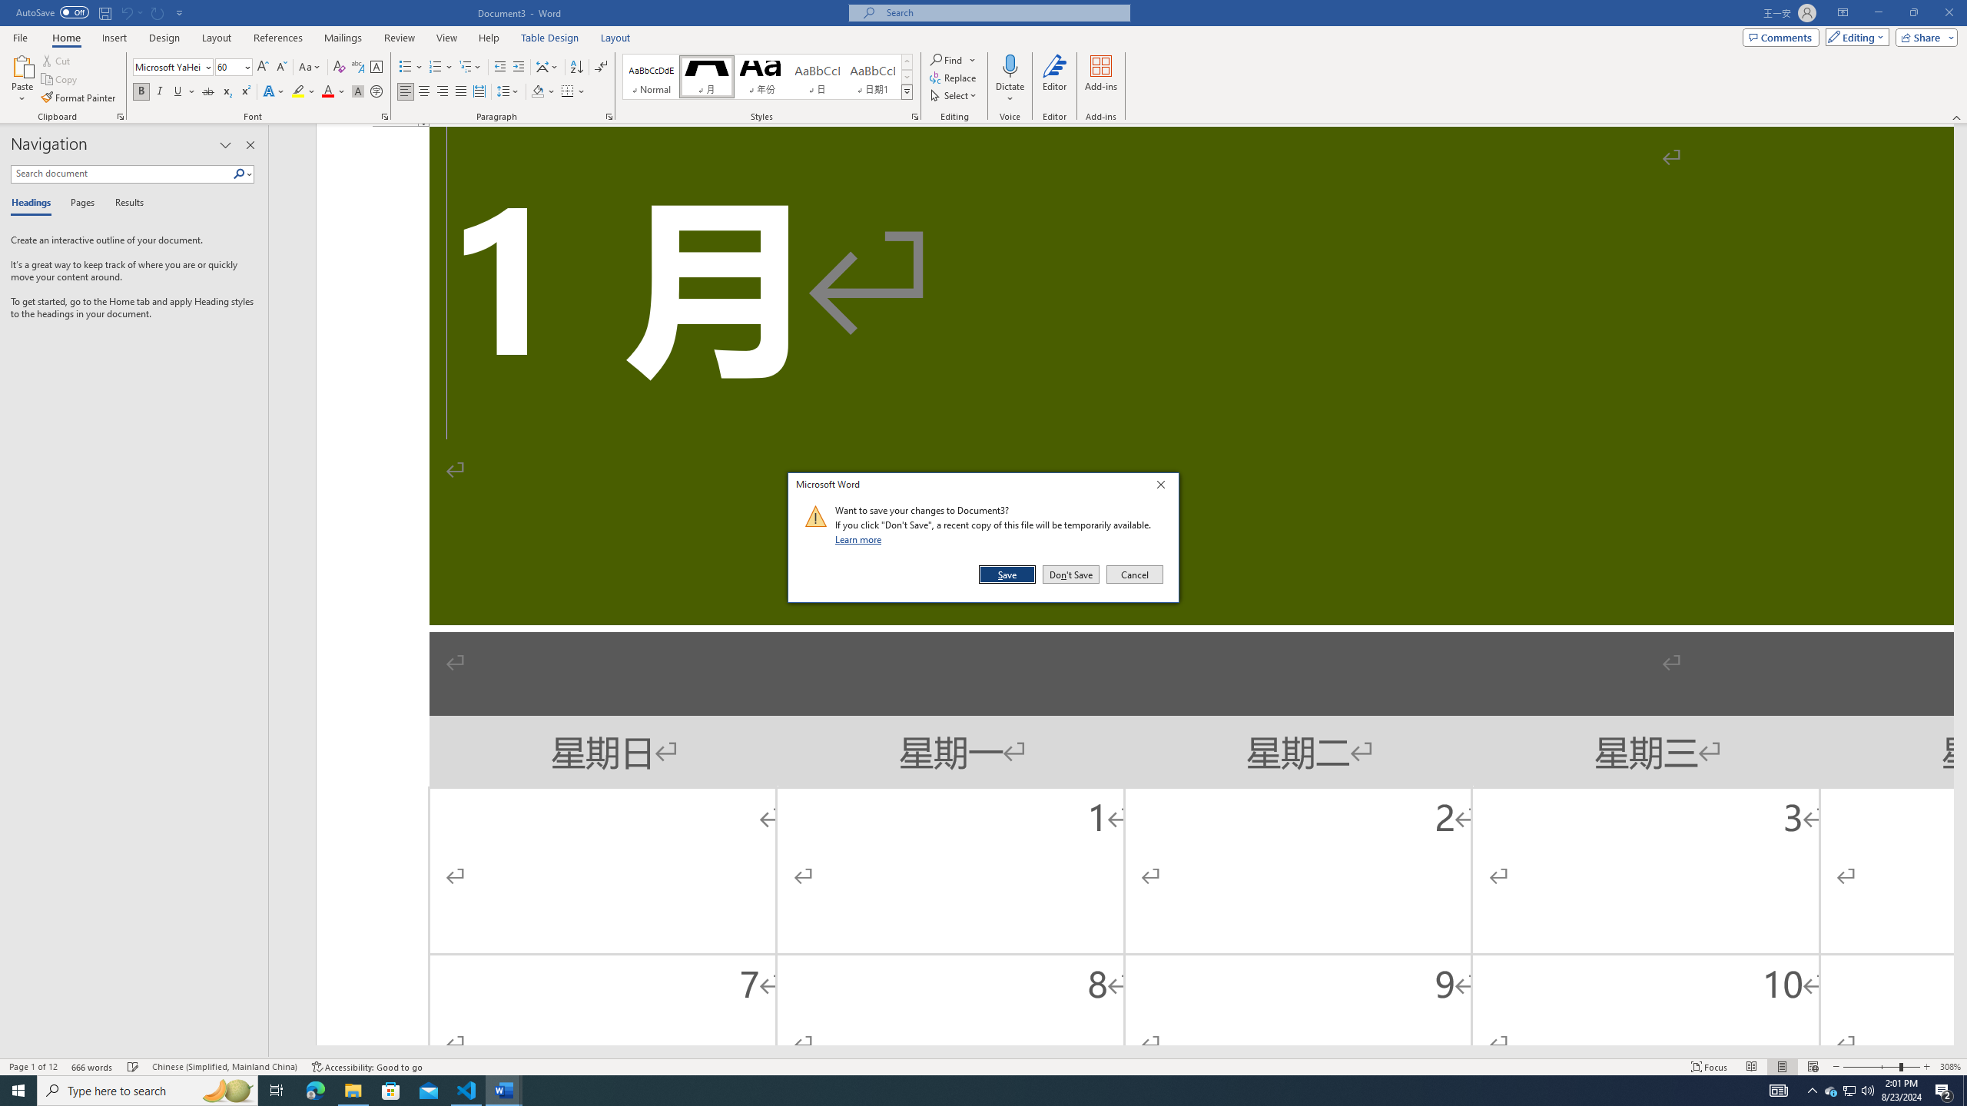 The height and width of the screenshot is (1106, 1967). Describe the element at coordinates (125, 12) in the screenshot. I see `'Can'` at that location.